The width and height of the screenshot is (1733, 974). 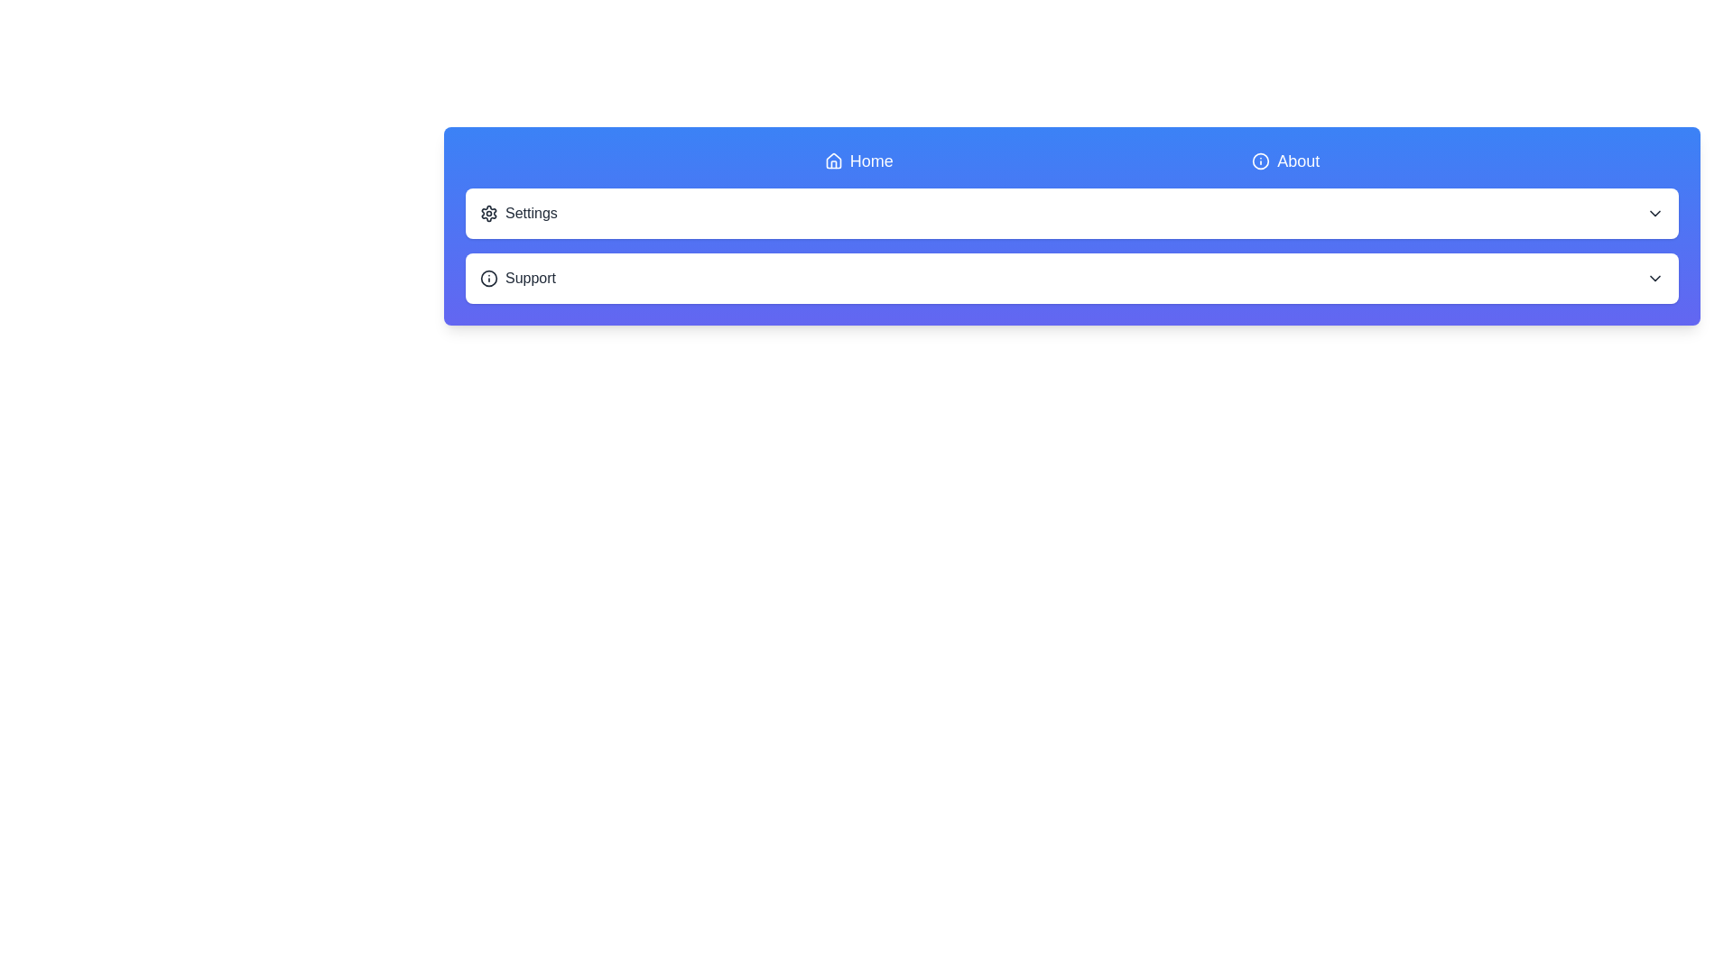 What do you see at coordinates (1654, 212) in the screenshot?
I see `the chevron-down icon` at bounding box center [1654, 212].